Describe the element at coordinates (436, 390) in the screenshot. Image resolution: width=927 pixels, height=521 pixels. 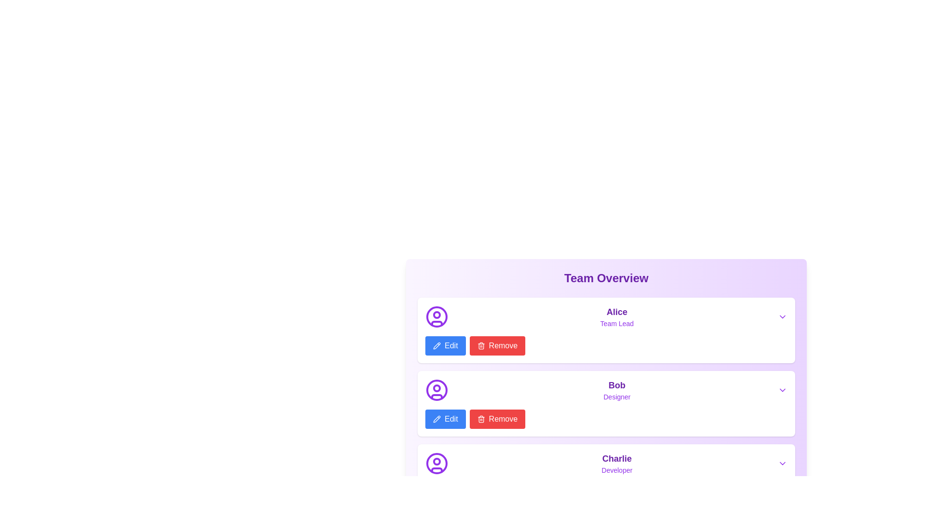
I see `the outermost circle of the user avatar icon located in the second row next to the name 'Bob'` at that location.